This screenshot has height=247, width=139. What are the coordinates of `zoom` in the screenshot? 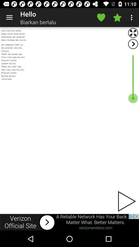 It's located at (133, 33).